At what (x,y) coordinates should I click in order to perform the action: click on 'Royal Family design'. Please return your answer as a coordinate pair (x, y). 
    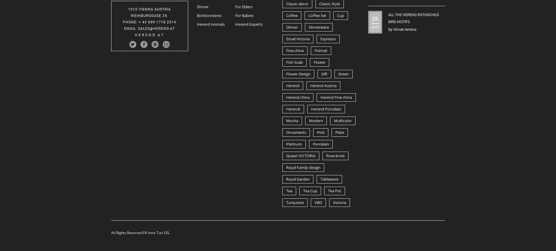
    Looking at the image, I should click on (303, 167).